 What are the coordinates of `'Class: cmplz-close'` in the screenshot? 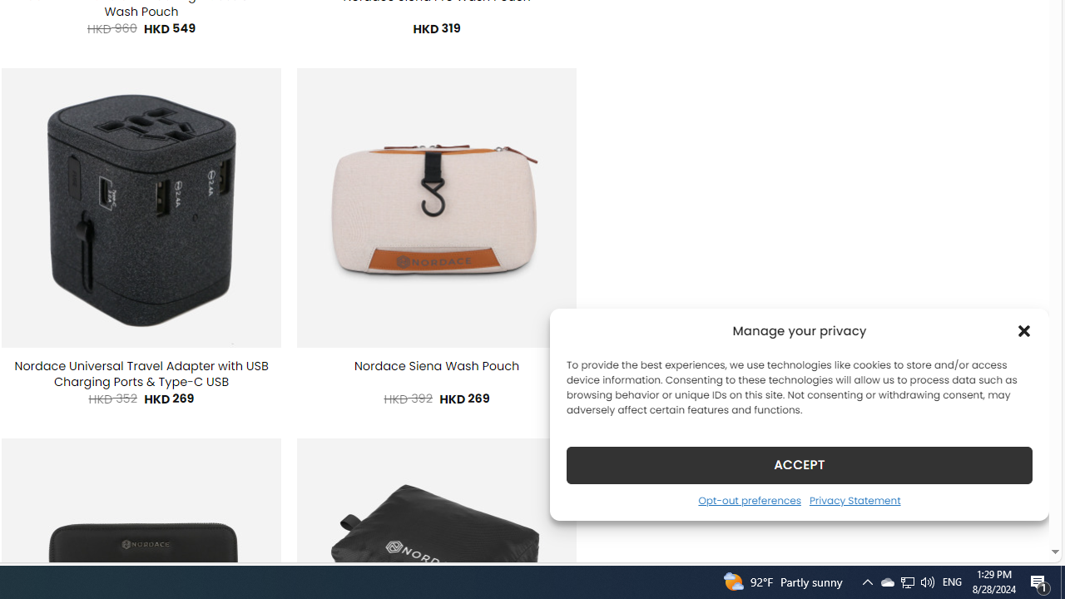 It's located at (1023, 330).